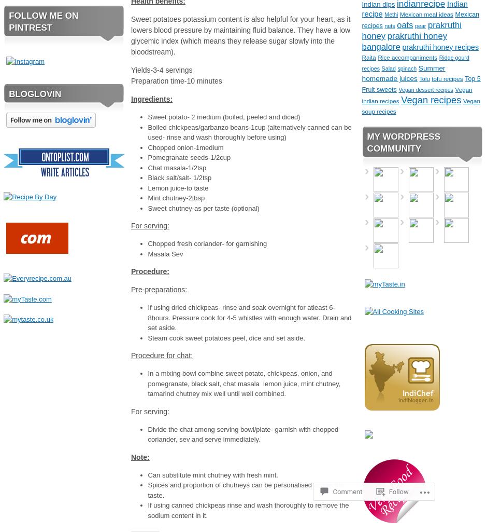 This screenshot has height=532, width=487. What do you see at coordinates (389, 24) in the screenshot?
I see `'nuts'` at bounding box center [389, 24].